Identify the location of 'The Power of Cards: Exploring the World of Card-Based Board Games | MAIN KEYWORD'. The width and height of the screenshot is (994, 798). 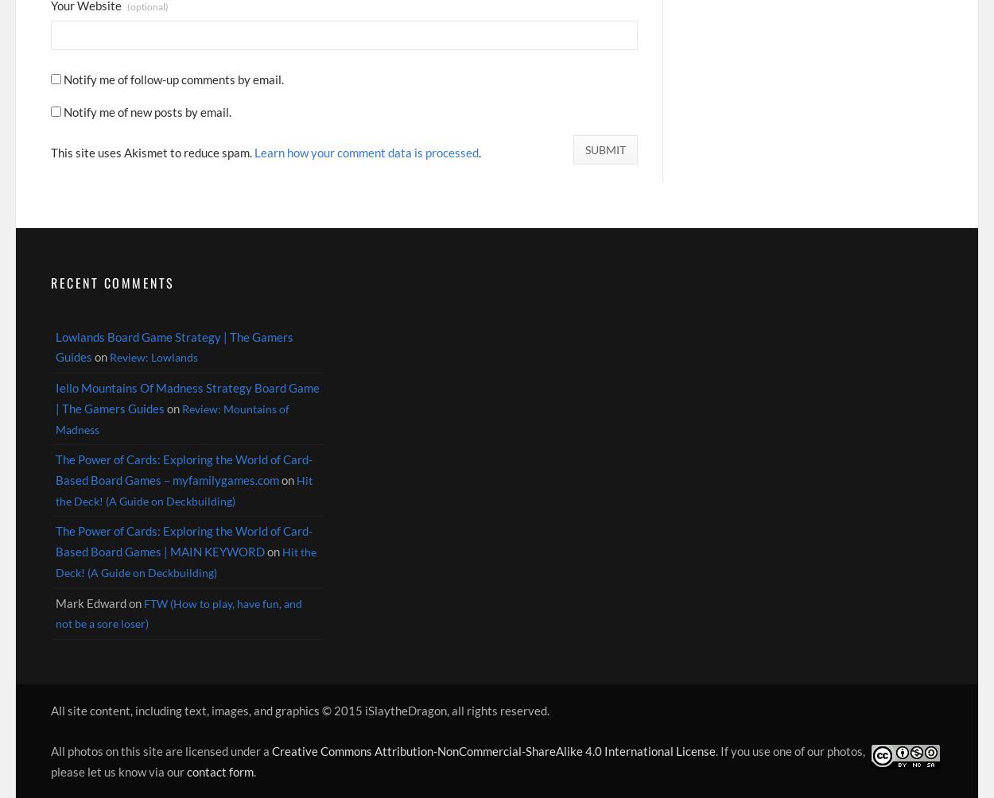
(183, 540).